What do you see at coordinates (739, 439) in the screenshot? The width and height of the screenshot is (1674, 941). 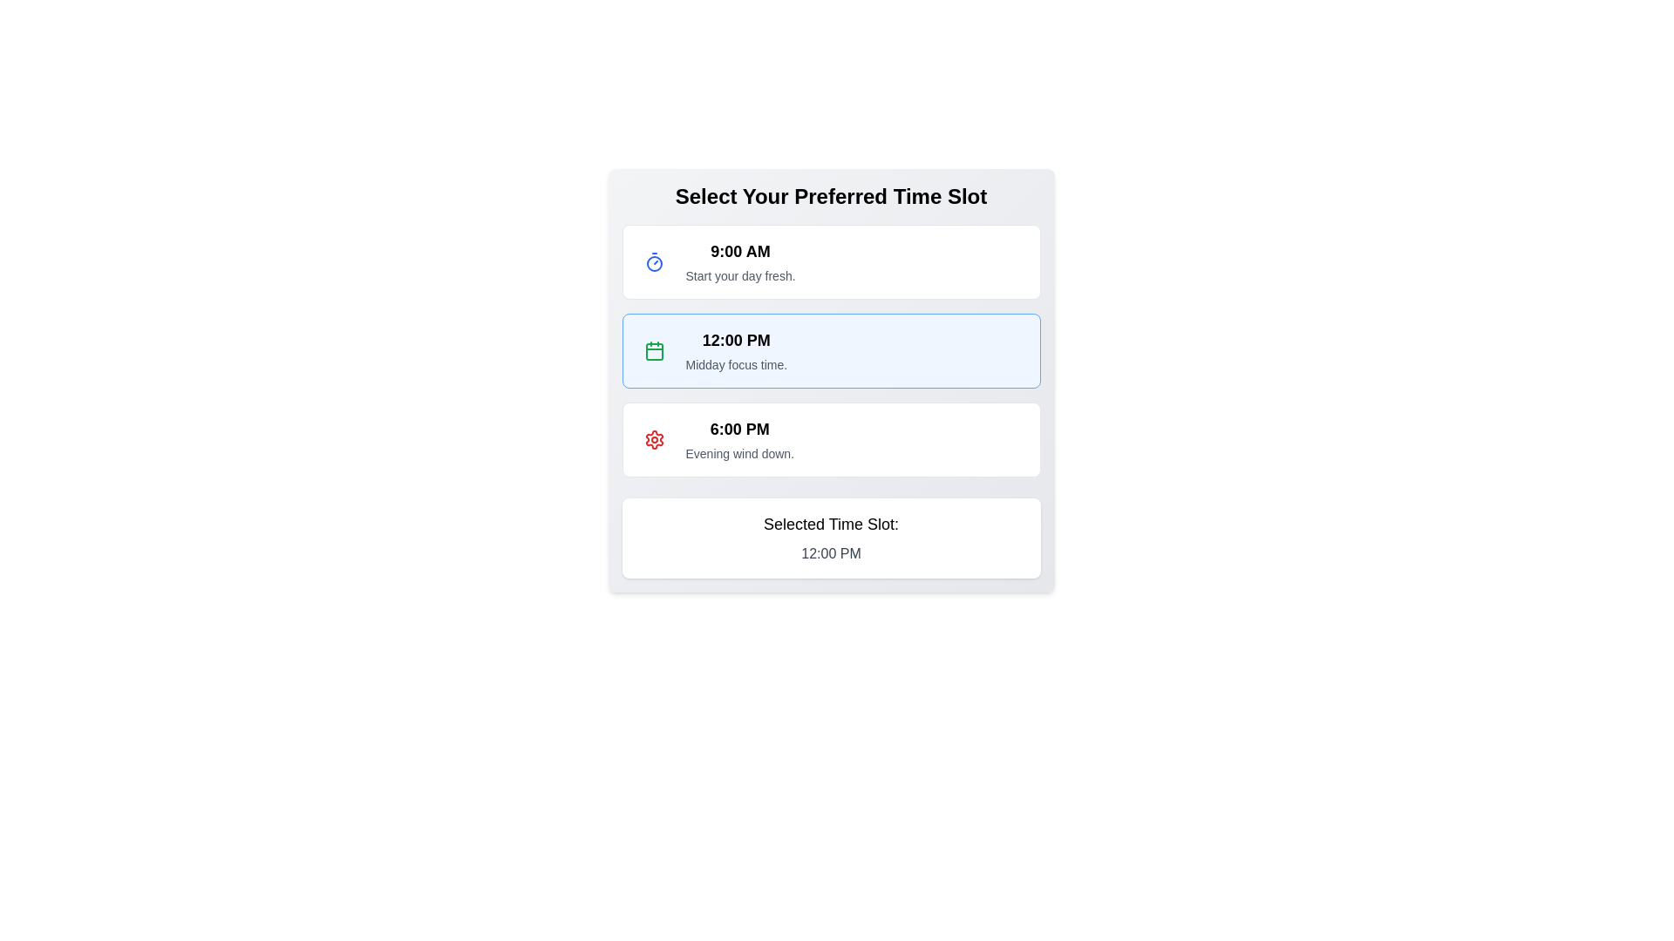 I see `time slot information for '6:00 PM' with the description 'Evening wind down' from the last slot in the list under 'Select Your Preferred Time Slot.'` at bounding box center [739, 439].